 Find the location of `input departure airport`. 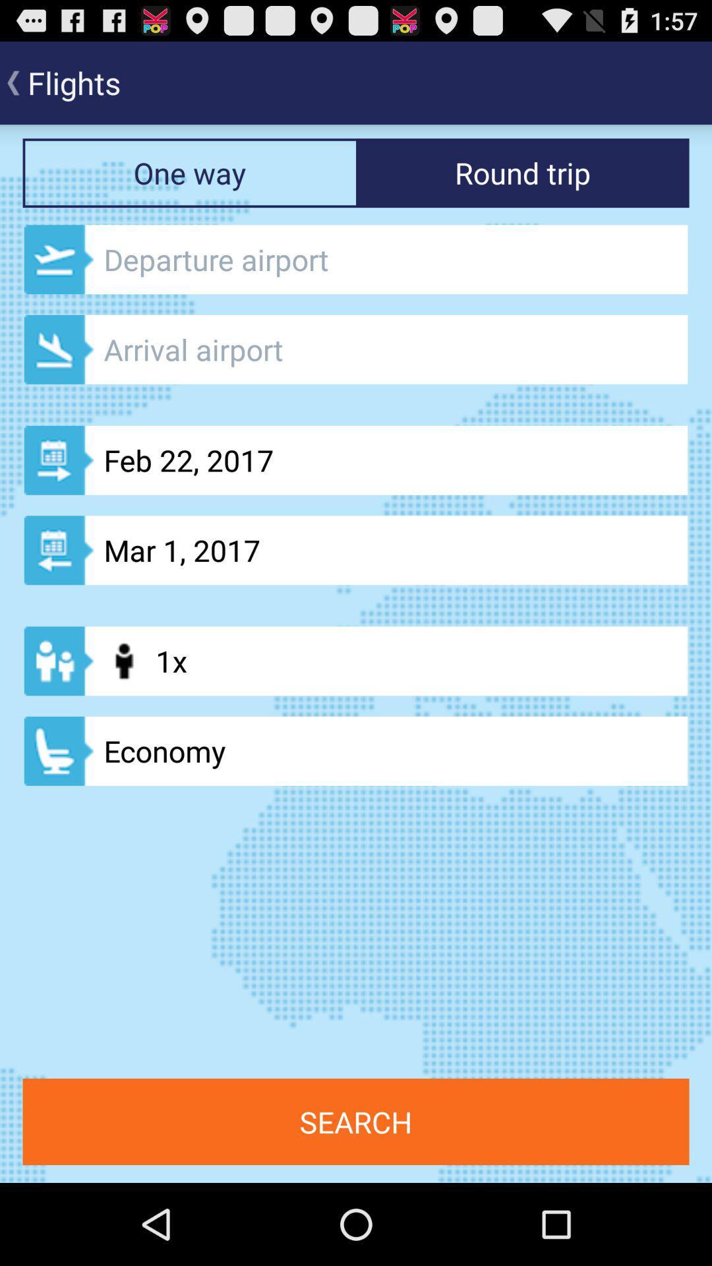

input departure airport is located at coordinates (356, 259).